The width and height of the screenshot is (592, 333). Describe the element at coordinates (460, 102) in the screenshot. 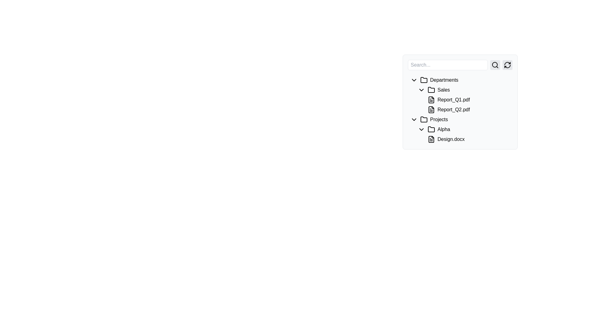

I see `the Tree item representing the file 'Report_Q1.pdf' located under the 'Sales' folder` at that location.